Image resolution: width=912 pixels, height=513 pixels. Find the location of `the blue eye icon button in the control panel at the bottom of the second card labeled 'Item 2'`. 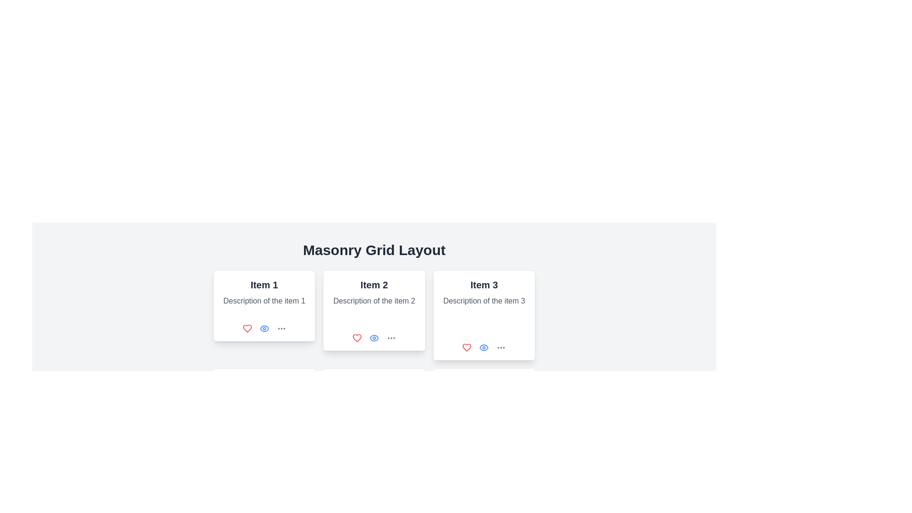

the blue eye icon button in the control panel at the bottom of the second card labeled 'Item 2' is located at coordinates (373, 338).